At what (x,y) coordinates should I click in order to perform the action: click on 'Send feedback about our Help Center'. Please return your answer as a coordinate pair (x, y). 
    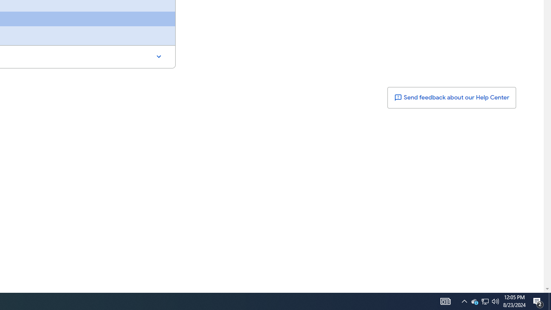
    Looking at the image, I should click on (451, 97).